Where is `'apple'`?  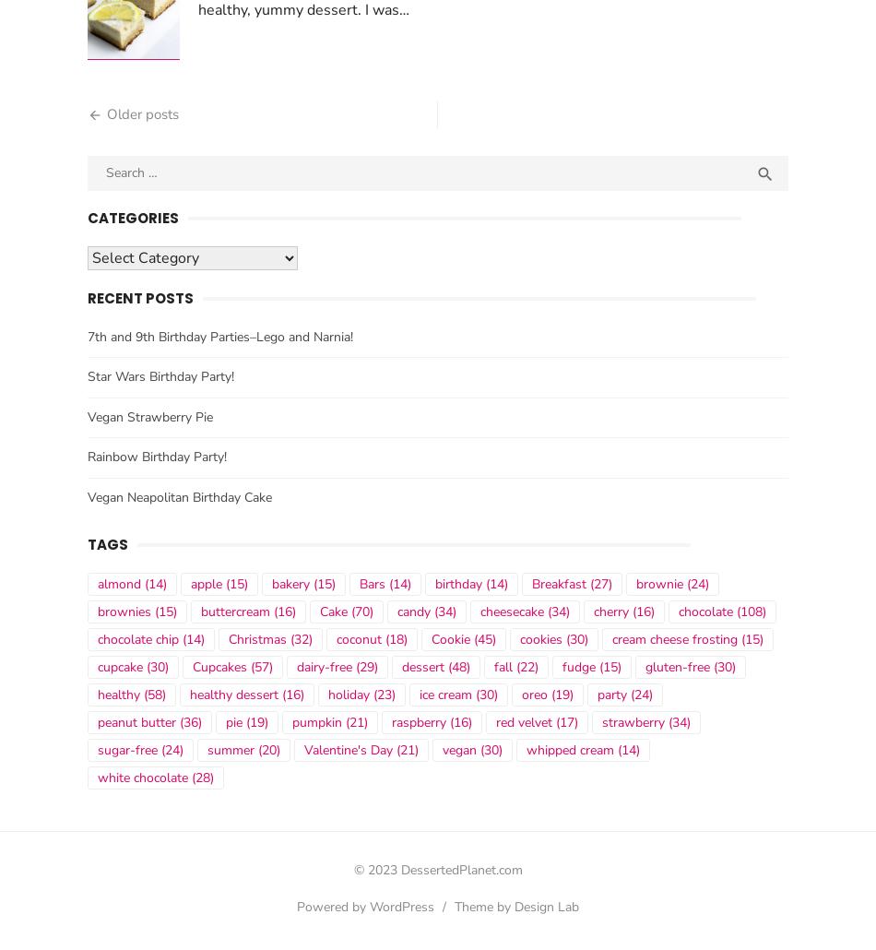
'apple' is located at coordinates (207, 588).